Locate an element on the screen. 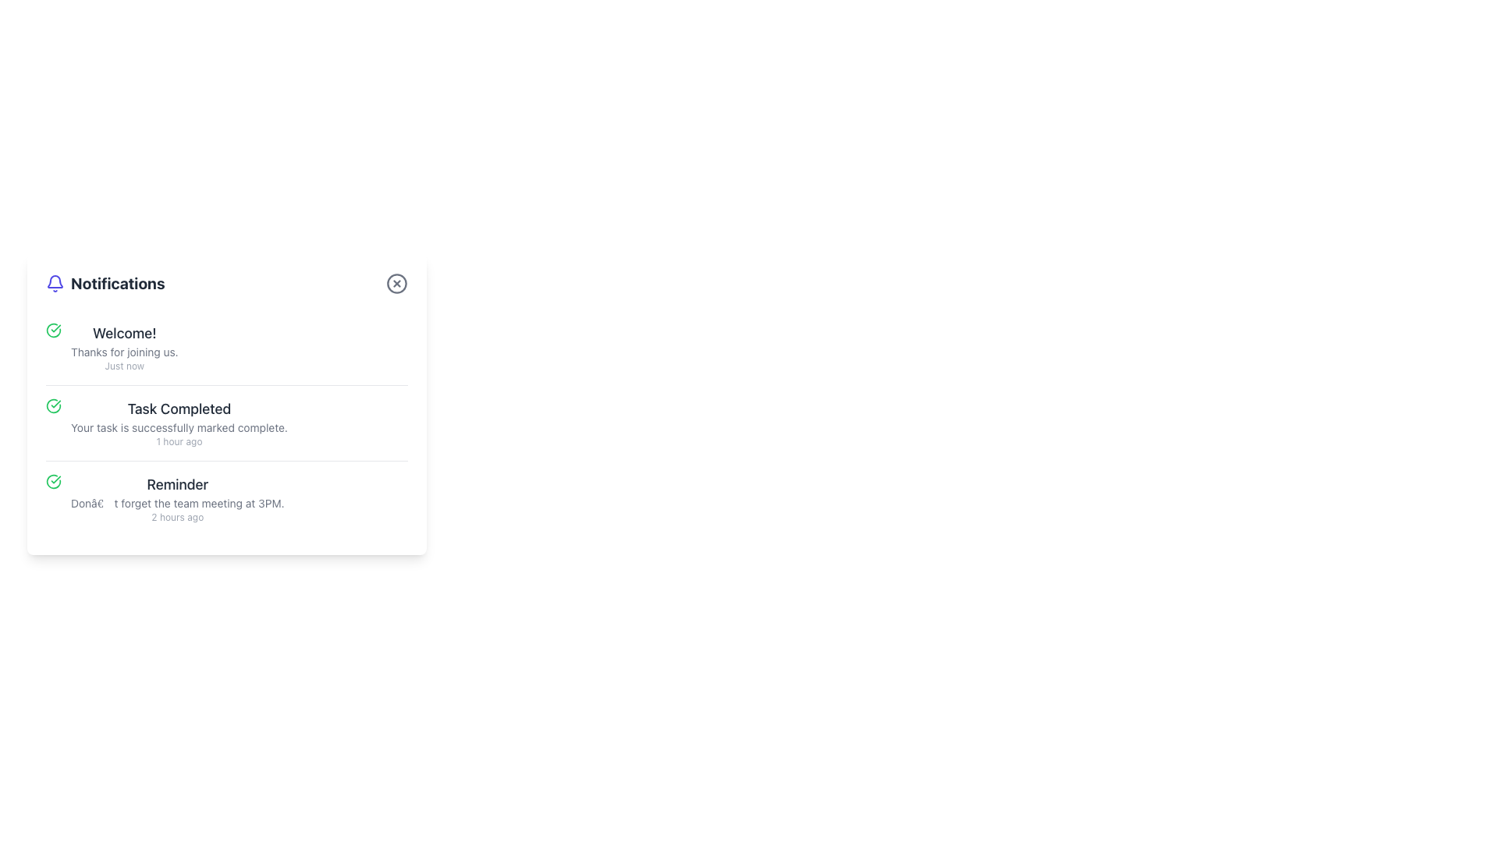  the first static text-based notification component displaying 'Welcome!' is located at coordinates (123, 347).